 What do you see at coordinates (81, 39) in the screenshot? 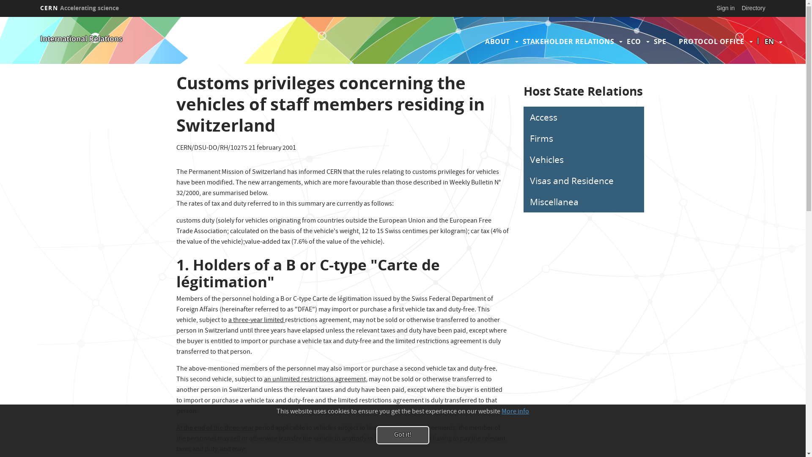
I see `'International Relations'` at bounding box center [81, 39].